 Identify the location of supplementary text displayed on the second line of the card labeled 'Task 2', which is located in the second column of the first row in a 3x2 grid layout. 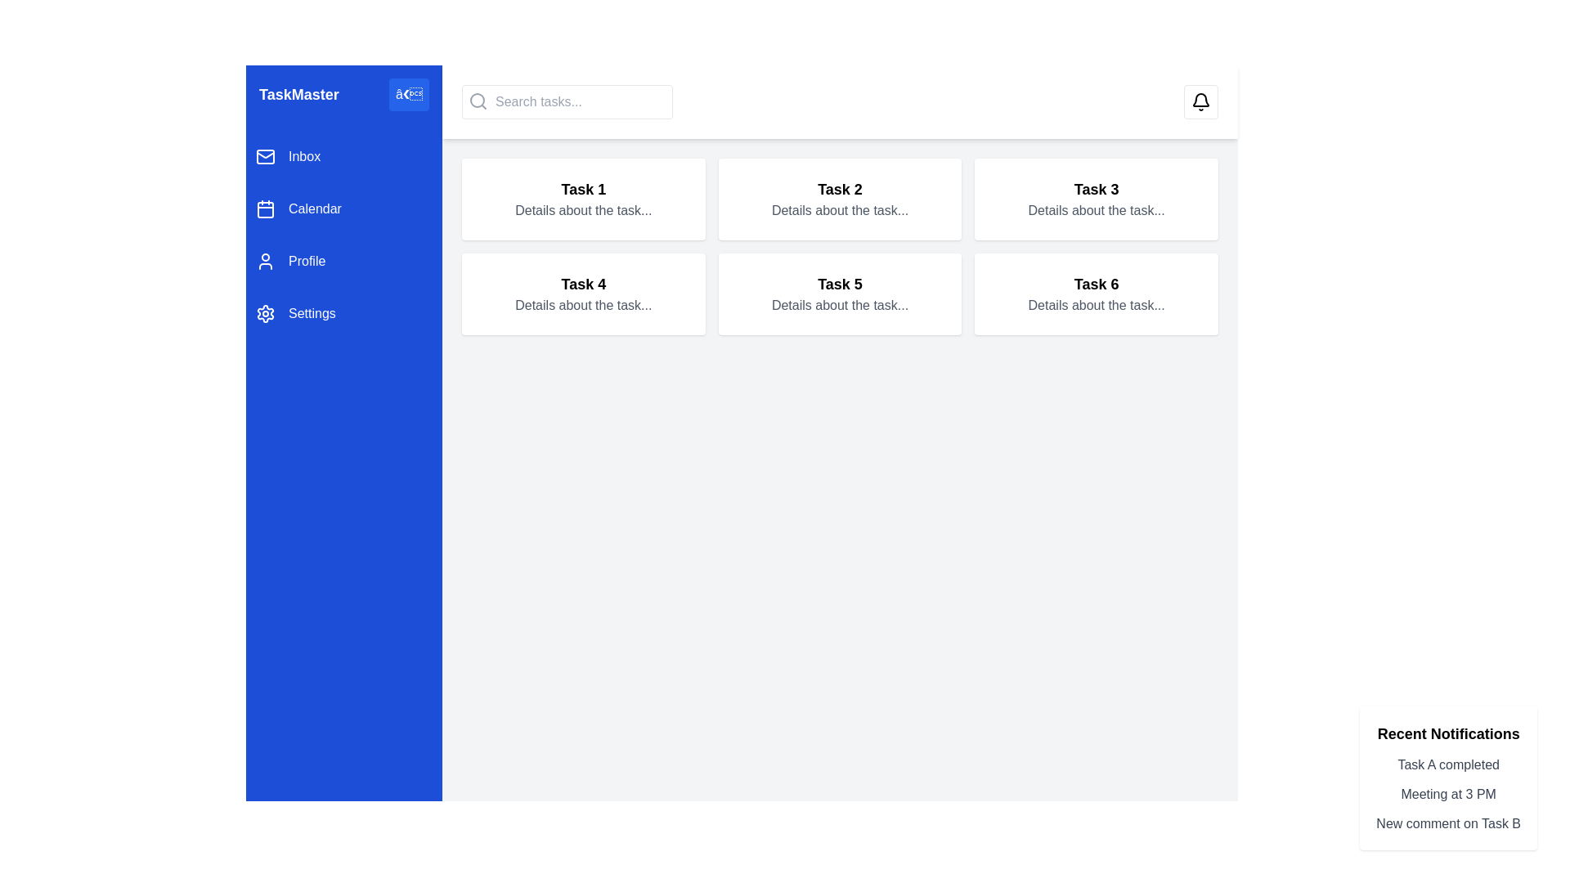
(840, 210).